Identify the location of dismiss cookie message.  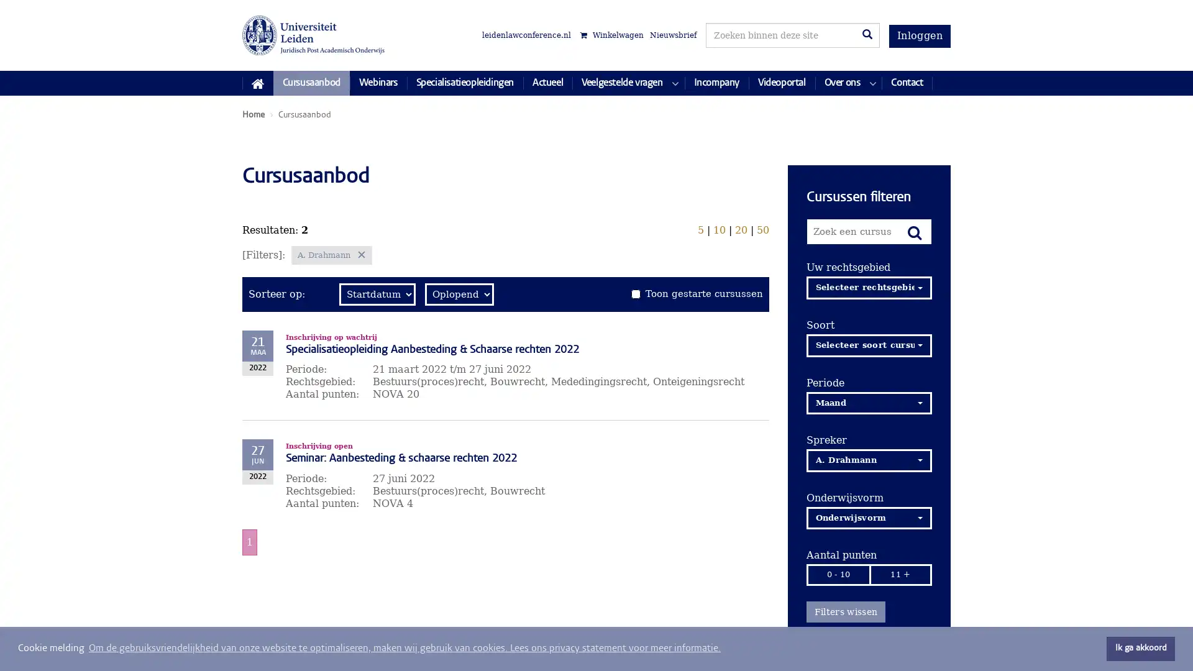
(1141, 648).